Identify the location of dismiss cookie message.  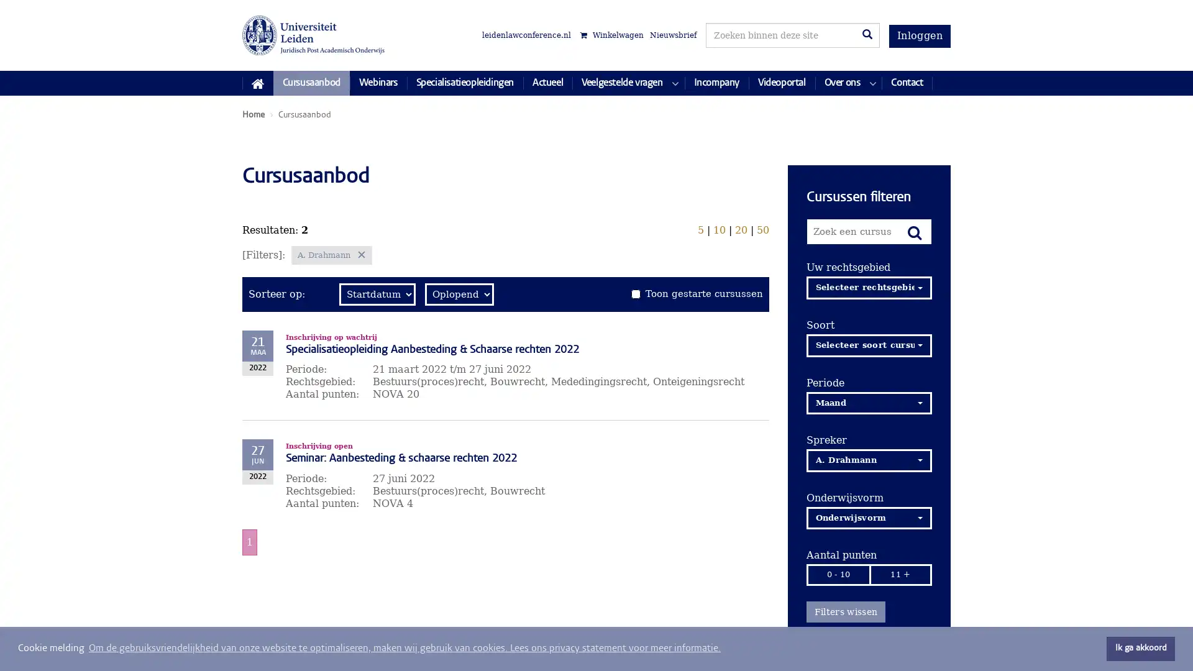
(1141, 648).